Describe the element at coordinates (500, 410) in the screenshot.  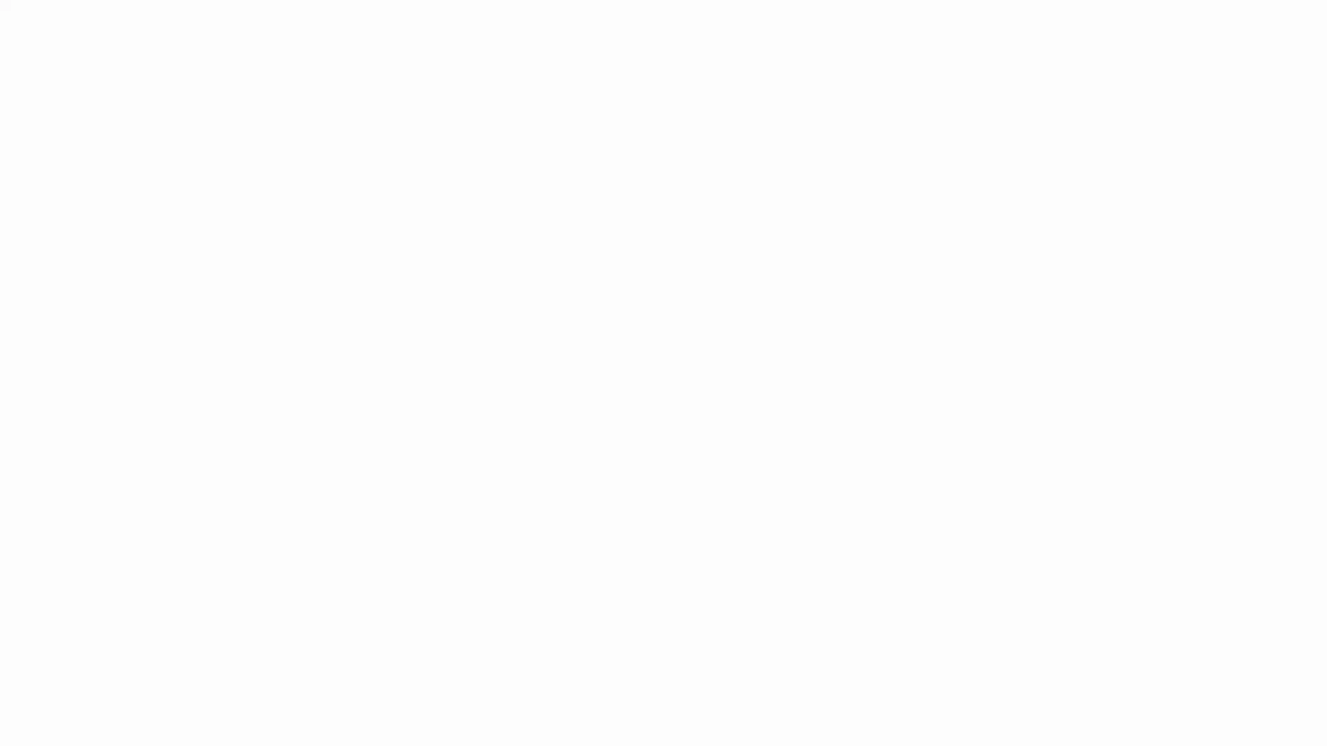
I see `Create your account` at that location.